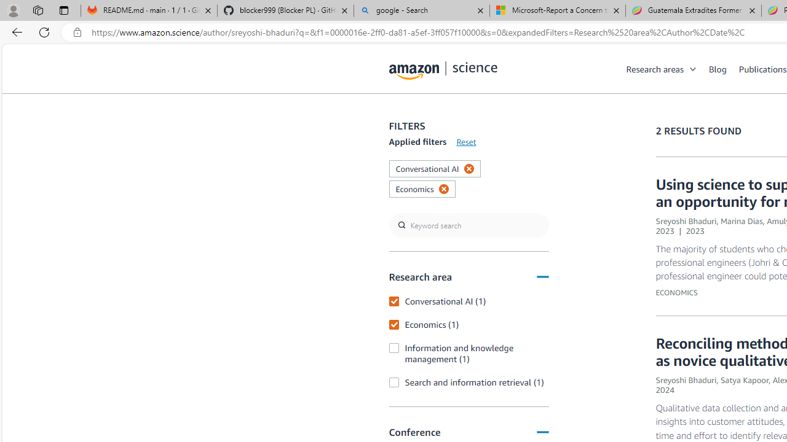  Describe the element at coordinates (667, 68) in the screenshot. I see `'Research areas'` at that location.